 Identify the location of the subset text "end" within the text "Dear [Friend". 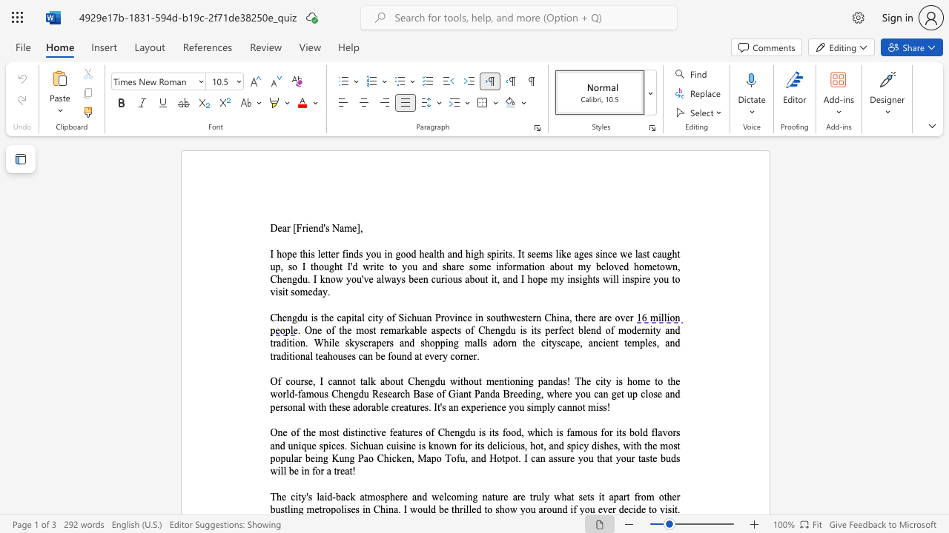
(308, 228).